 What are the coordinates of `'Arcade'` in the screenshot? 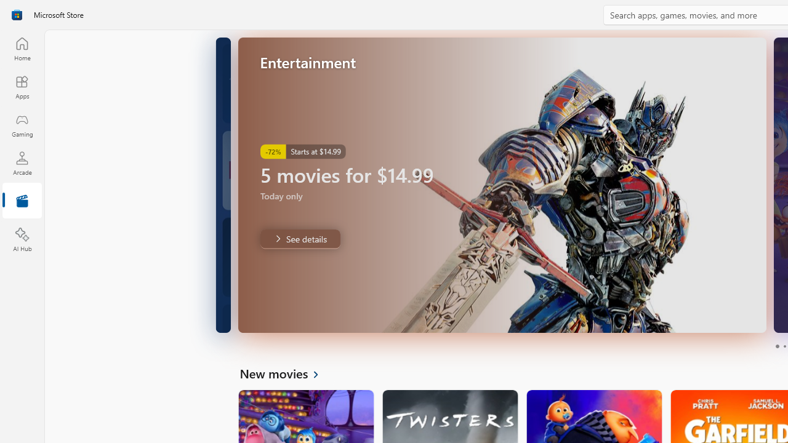 It's located at (22, 162).